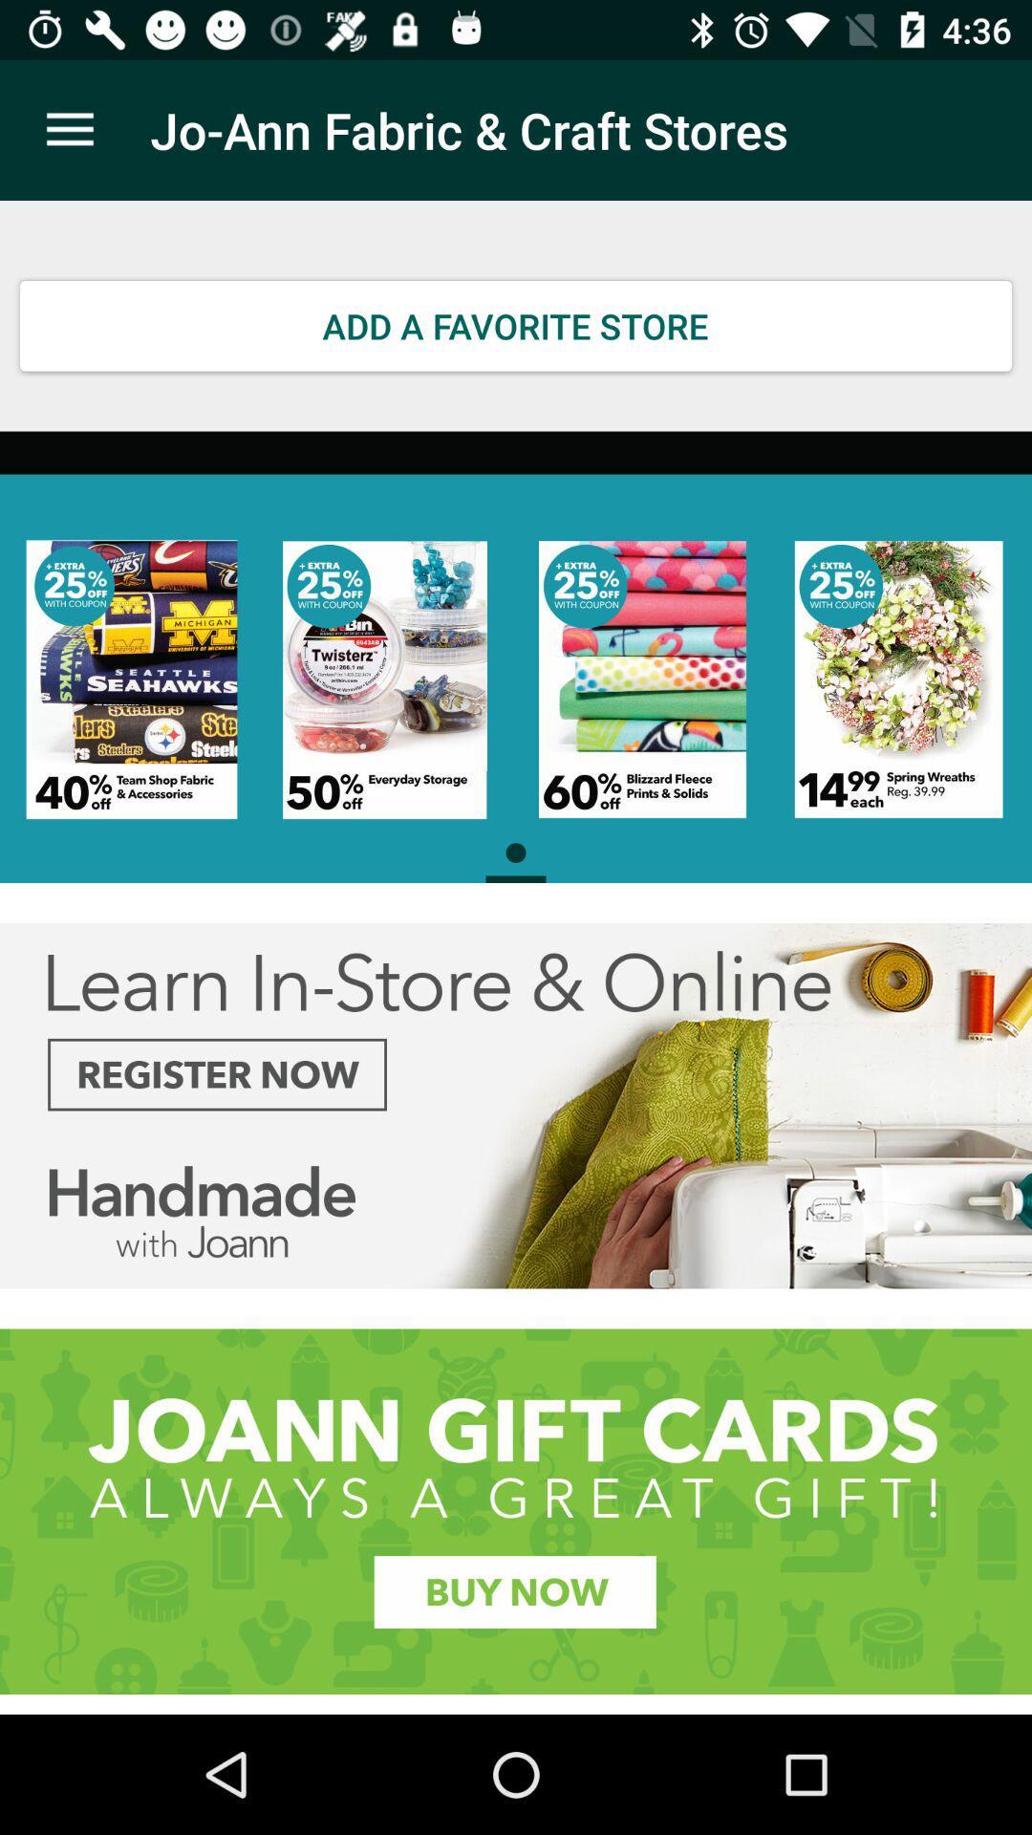  Describe the element at coordinates (516, 1510) in the screenshot. I see `search for` at that location.